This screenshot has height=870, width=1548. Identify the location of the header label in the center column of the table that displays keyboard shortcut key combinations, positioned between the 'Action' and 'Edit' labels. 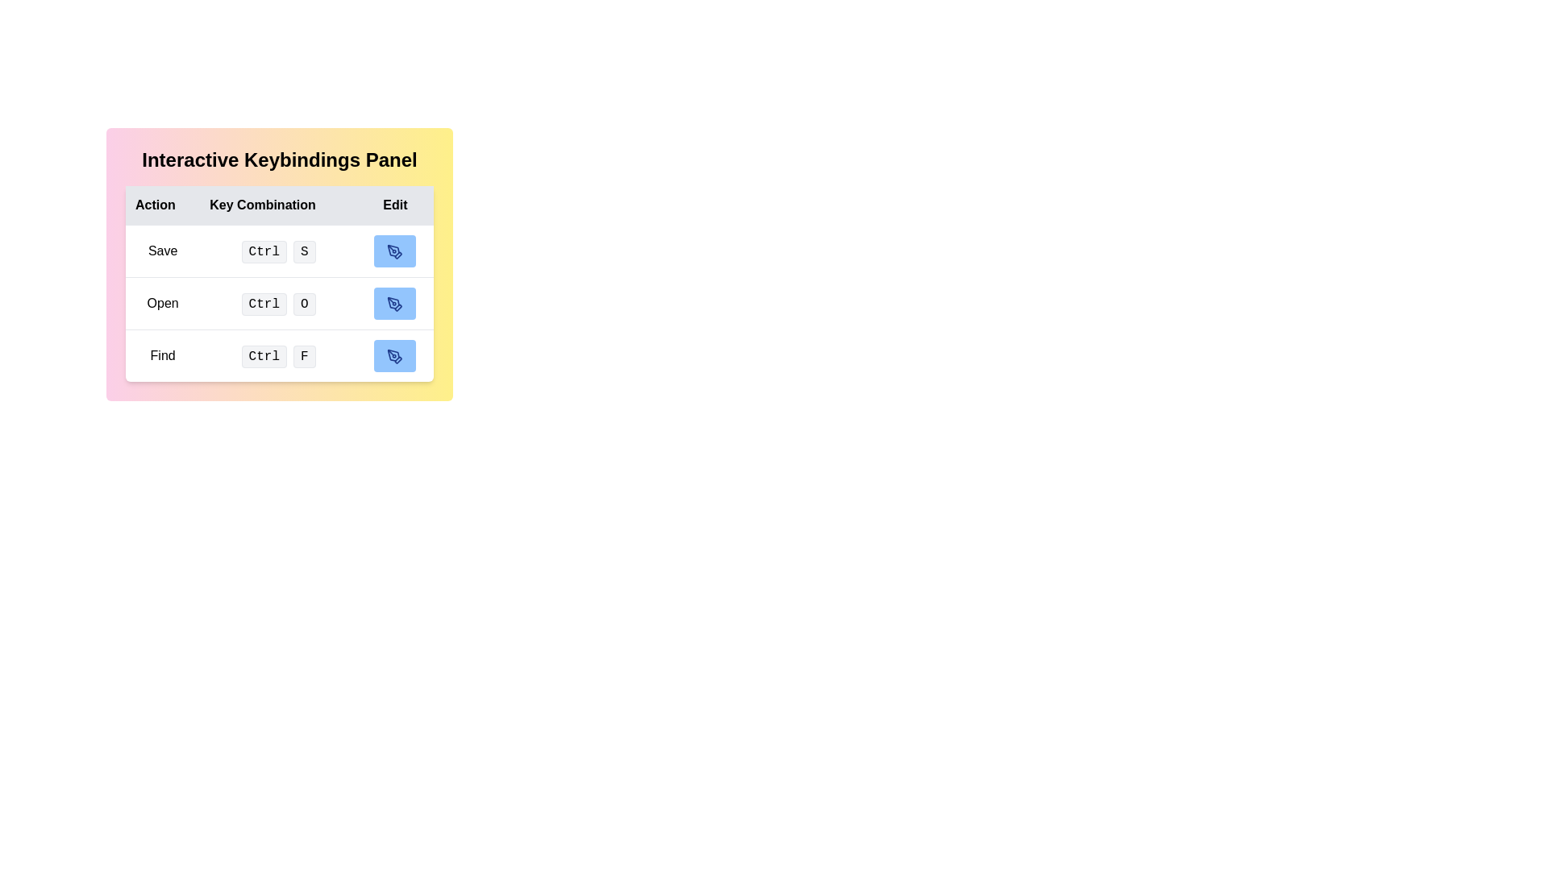
(278, 205).